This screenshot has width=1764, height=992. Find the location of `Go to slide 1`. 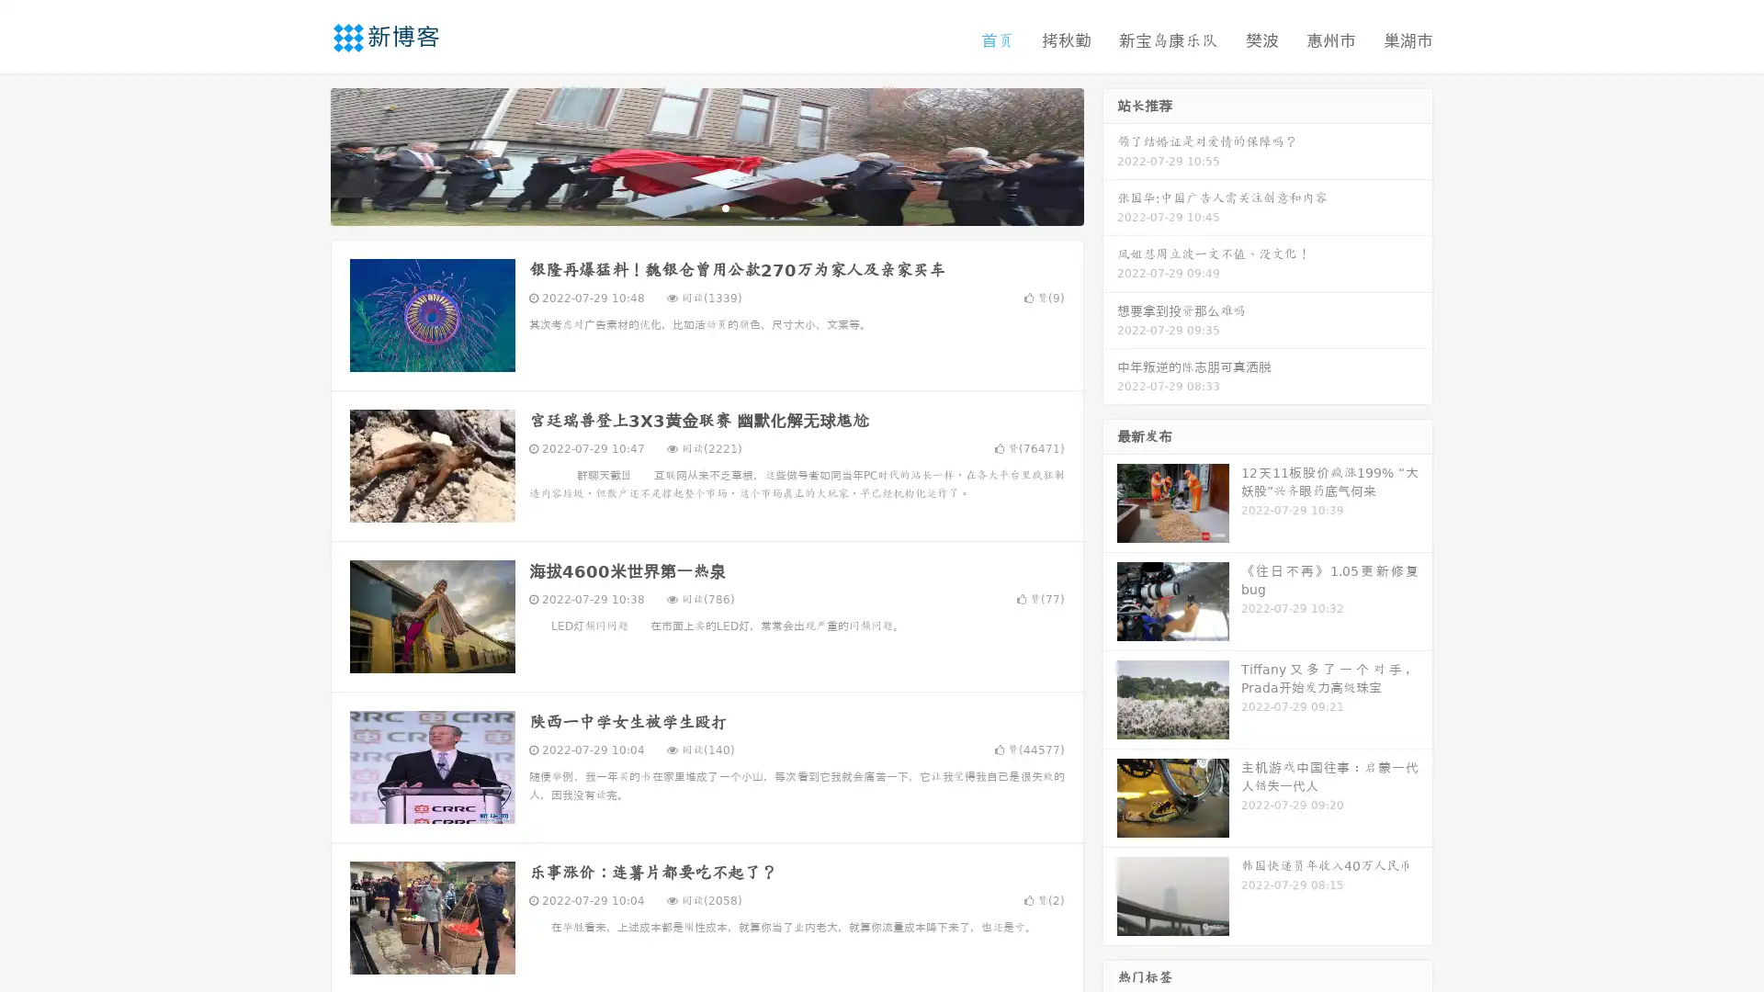

Go to slide 1 is located at coordinates (687, 207).